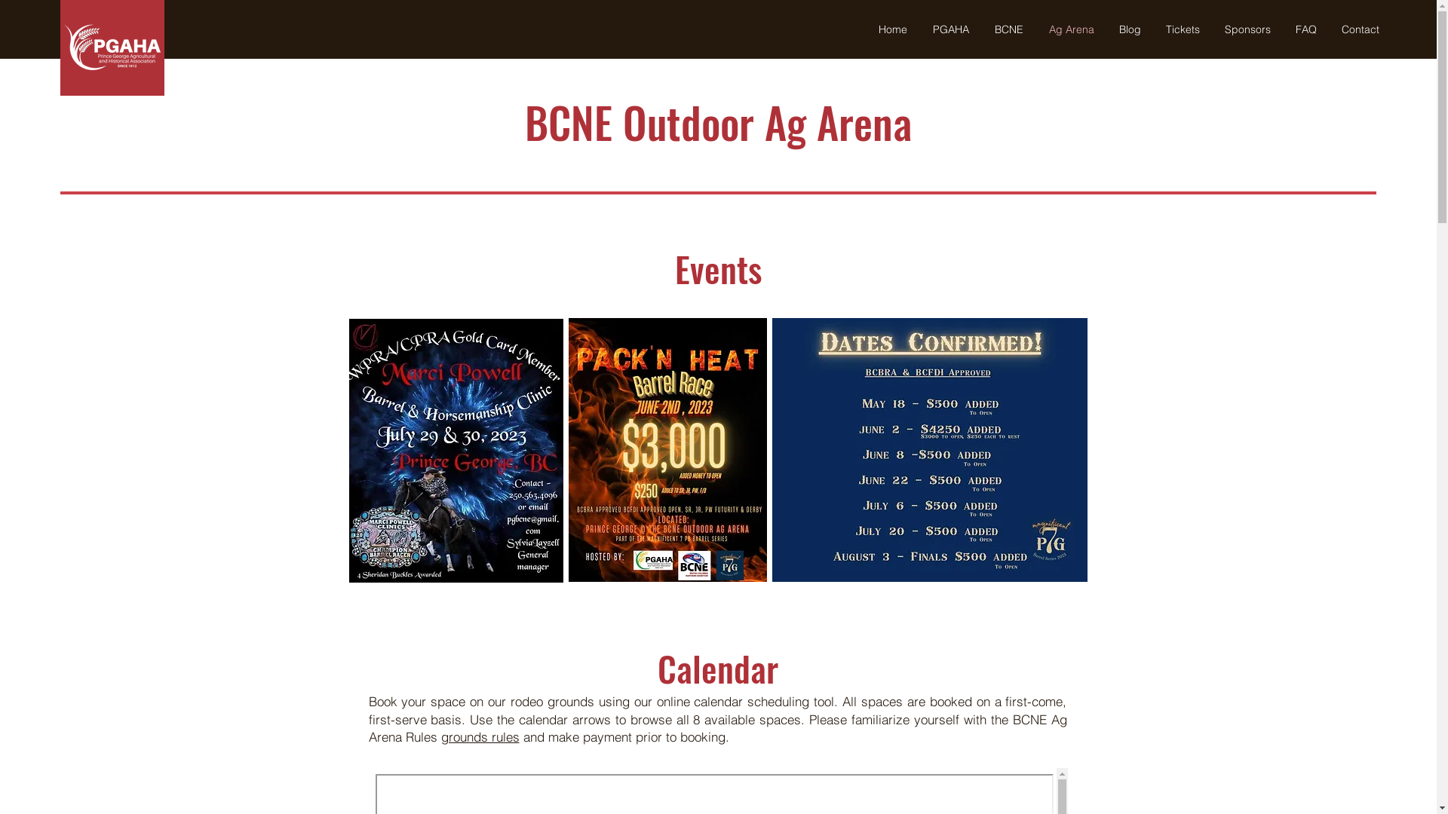  I want to click on 'packing heat.jpg', so click(667, 449).